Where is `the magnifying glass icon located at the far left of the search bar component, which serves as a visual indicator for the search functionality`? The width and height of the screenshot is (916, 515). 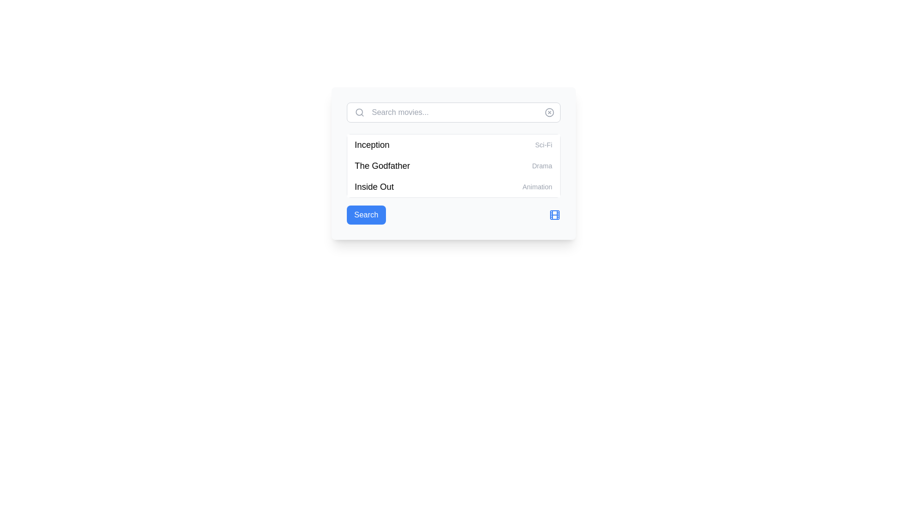
the magnifying glass icon located at the far left of the search bar component, which serves as a visual indicator for the search functionality is located at coordinates (359, 112).